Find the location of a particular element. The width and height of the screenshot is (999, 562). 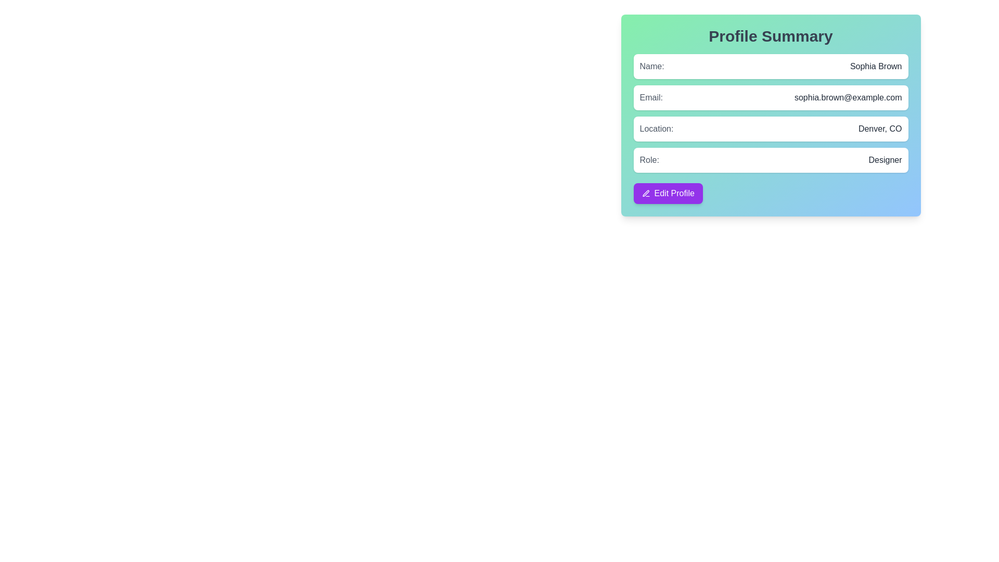

the 'Edit Profile' button, which is a prominent purple rectangular button with rounded corners, featuring a left-aligned pen icon and white text, located at the bottom of the 'Profile Summary' box is located at coordinates (668, 193).